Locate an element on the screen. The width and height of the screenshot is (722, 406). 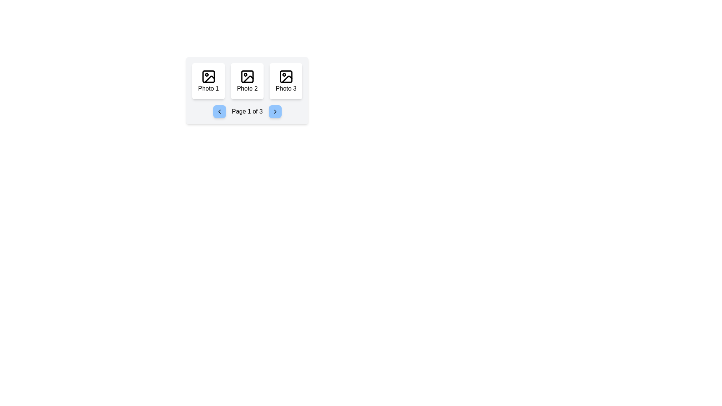
the first card in a horizontal group of three, which contains an image icon and the text 'Photo 1' is located at coordinates (208, 81).